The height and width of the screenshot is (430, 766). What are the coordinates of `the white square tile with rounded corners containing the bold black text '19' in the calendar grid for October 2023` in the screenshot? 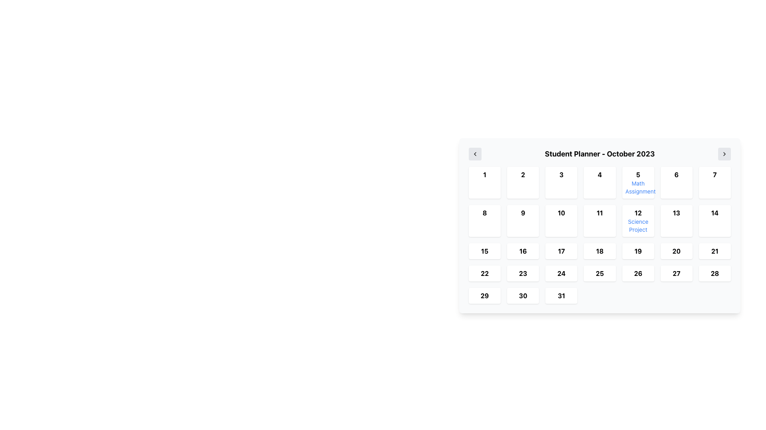 It's located at (638, 251).